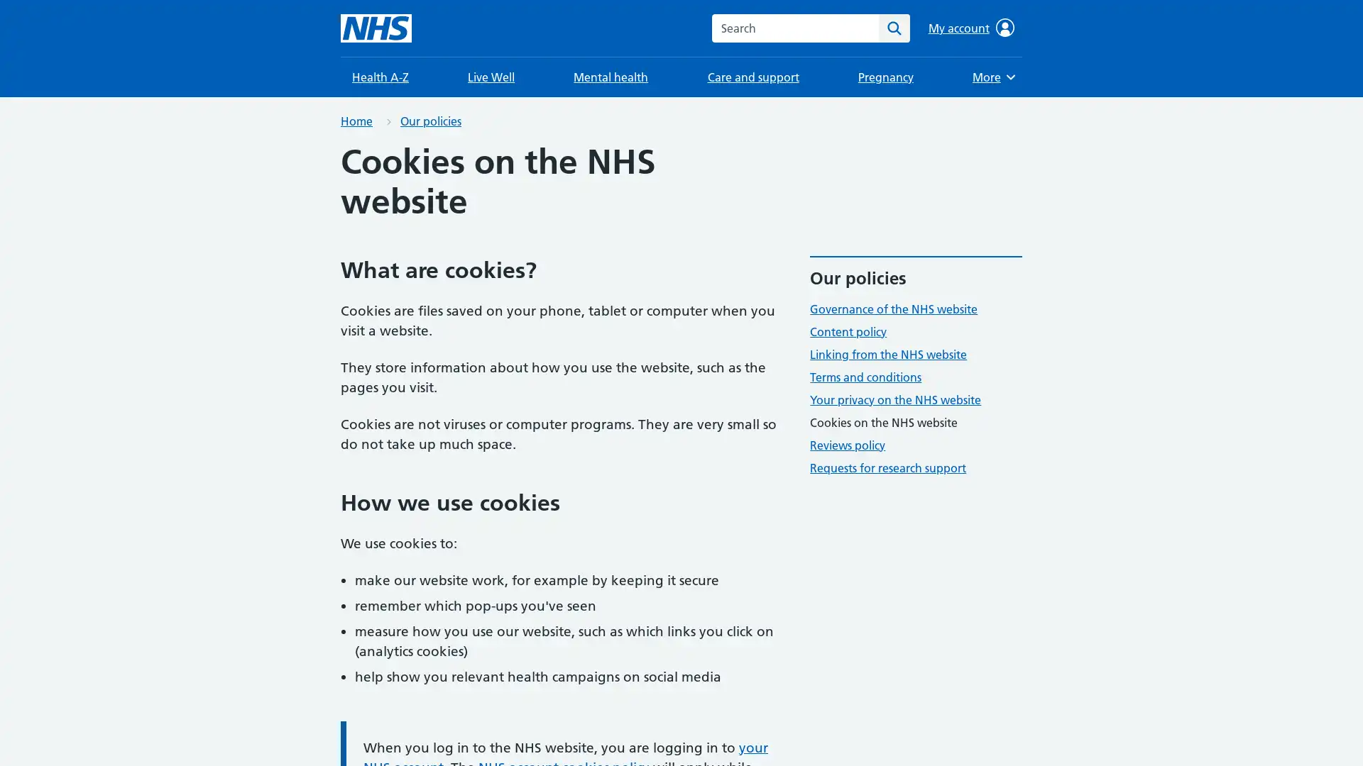 The image size is (1363, 766). I want to click on Search, so click(893, 28).